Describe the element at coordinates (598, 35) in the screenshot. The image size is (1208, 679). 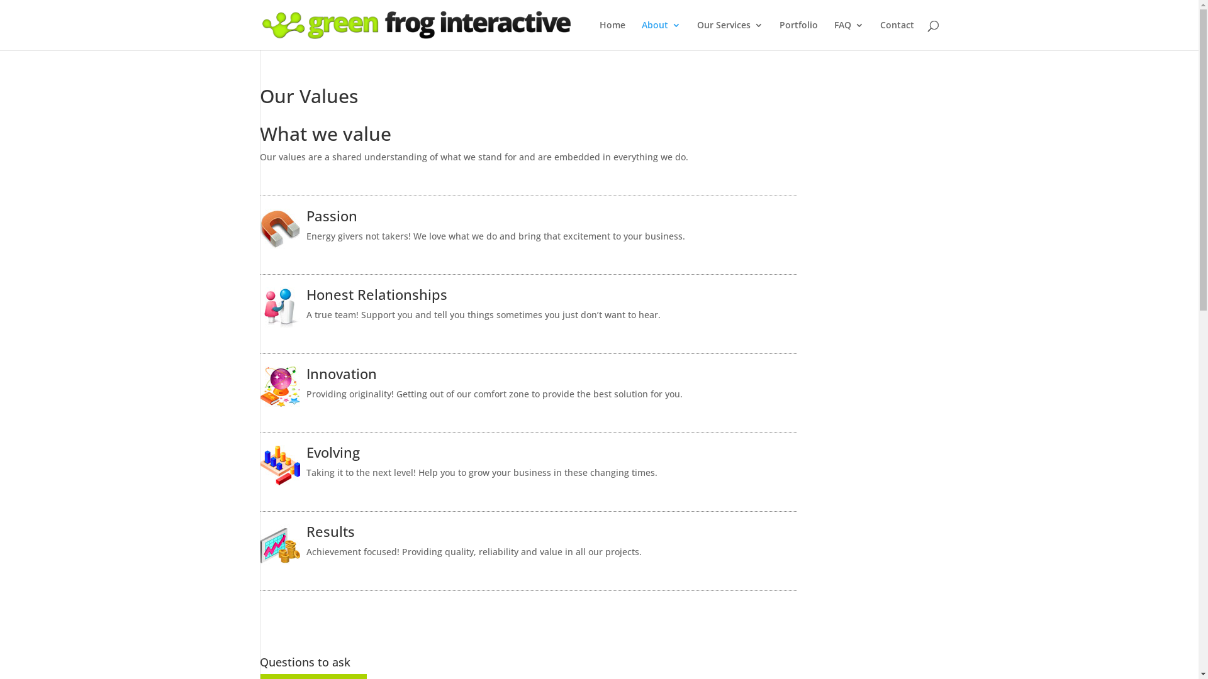
I see `'Home'` at that location.